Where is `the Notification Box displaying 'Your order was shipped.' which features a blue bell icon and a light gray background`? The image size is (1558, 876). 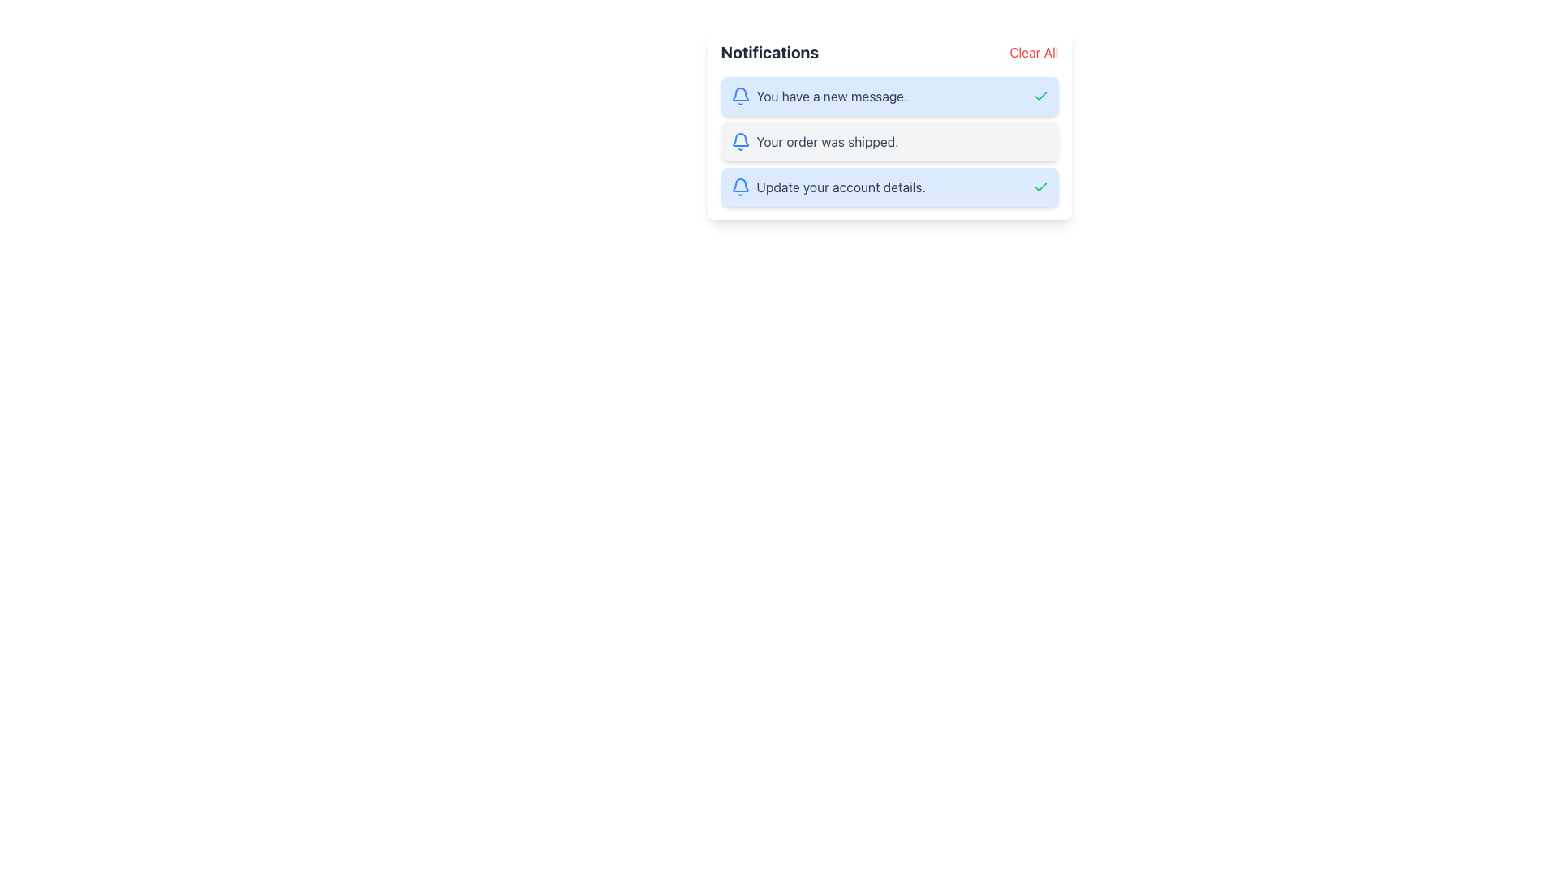
the Notification Box displaying 'Your order was shipped.' which features a blue bell icon and a light gray background is located at coordinates (889, 140).